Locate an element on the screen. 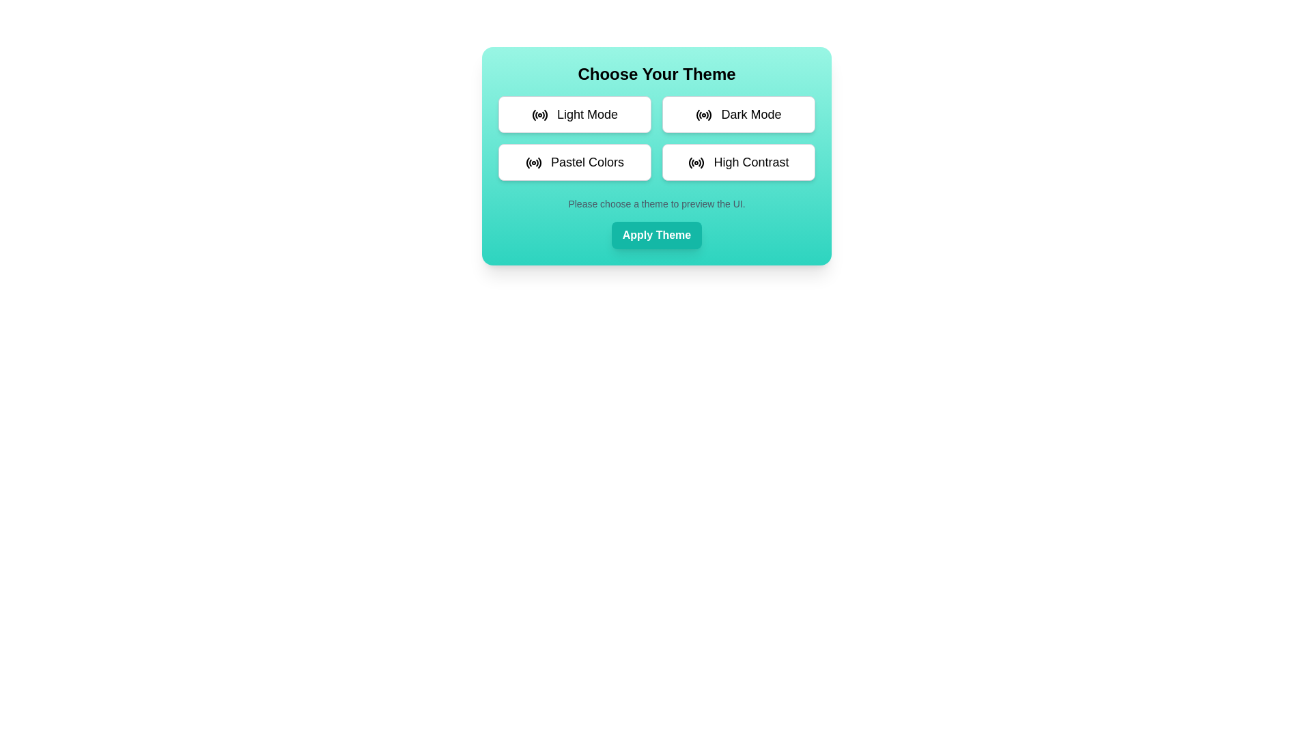 This screenshot has width=1311, height=737. the turquoise rectangular button labeled 'Apply Theme' is located at coordinates (656, 234).